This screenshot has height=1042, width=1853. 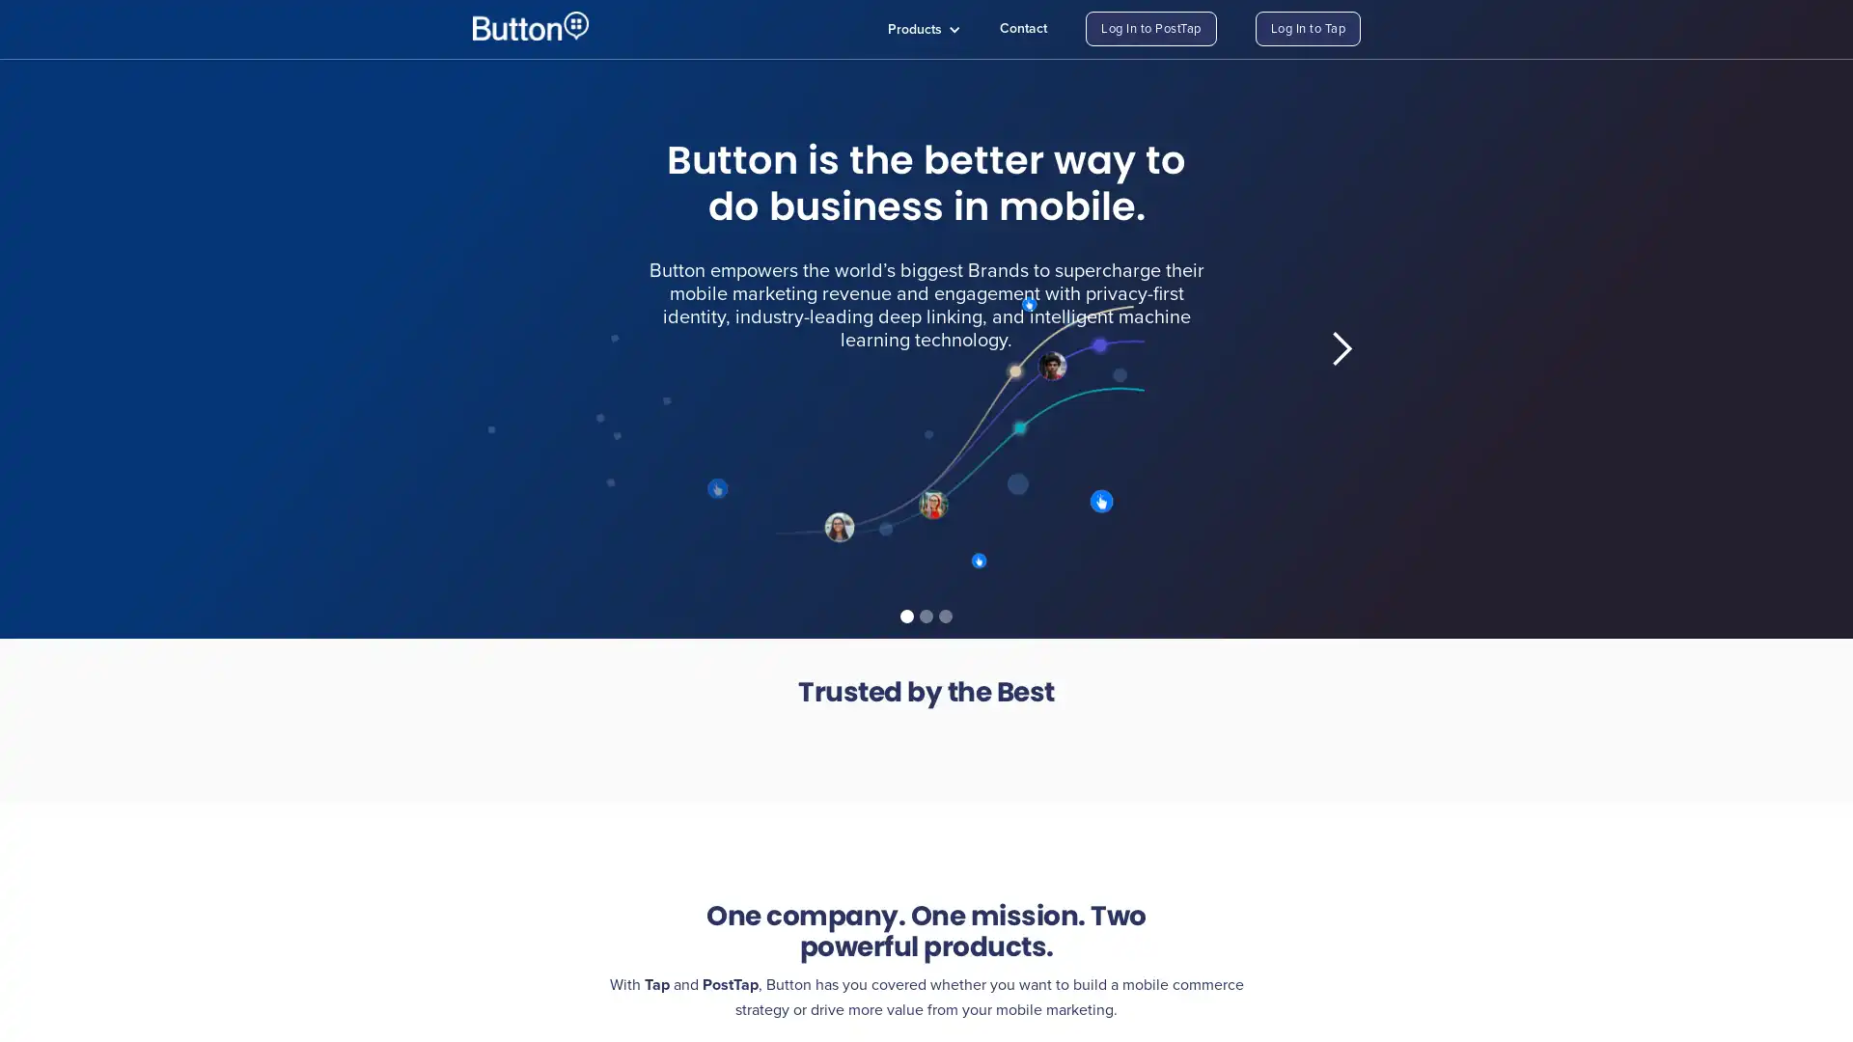 I want to click on Tell me more, so click(x=1119, y=505).